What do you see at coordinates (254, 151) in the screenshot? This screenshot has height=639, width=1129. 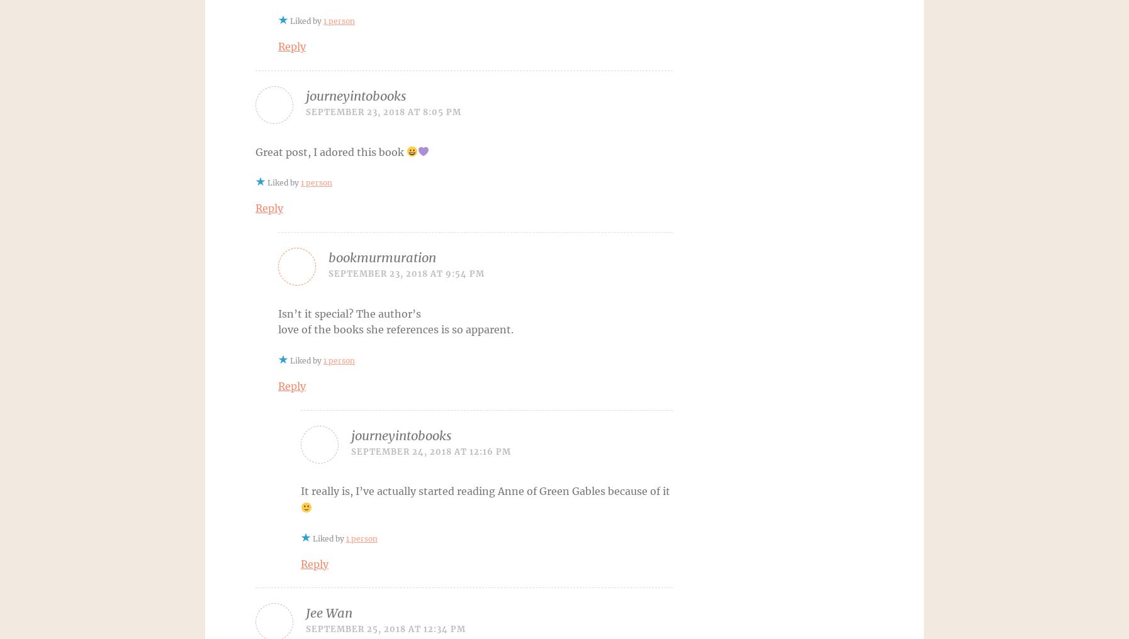 I see `'Great post, I adored this book'` at bounding box center [254, 151].